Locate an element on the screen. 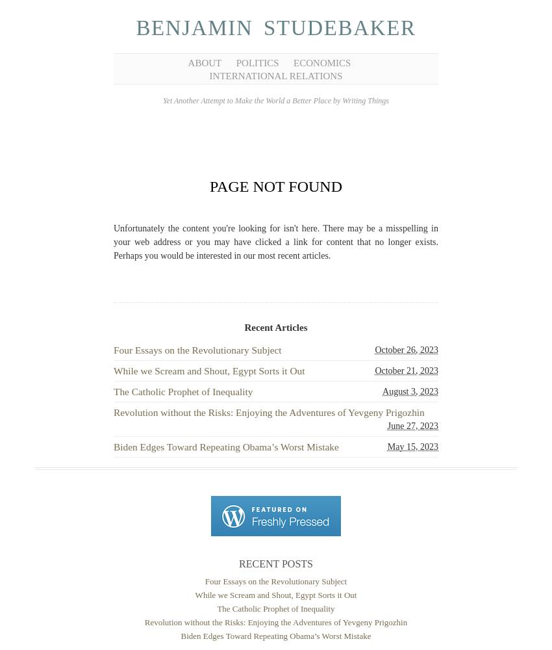 This screenshot has width=552, height=650. 'October 21, 2023' is located at coordinates (406, 369).